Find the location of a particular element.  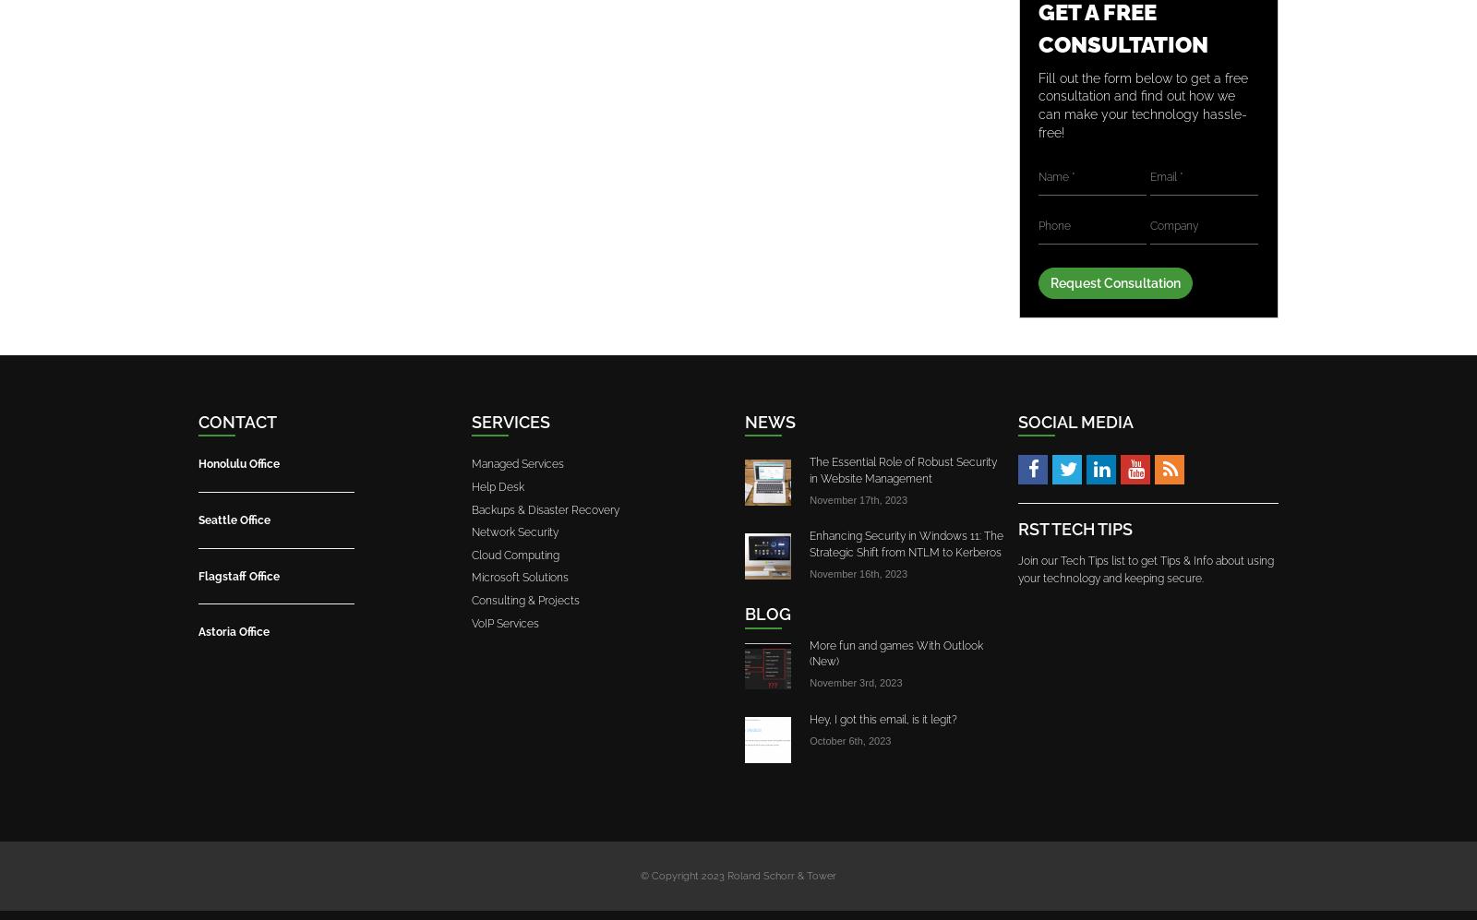

'Hey, I got this email, is it legit?' is located at coordinates (808, 717).